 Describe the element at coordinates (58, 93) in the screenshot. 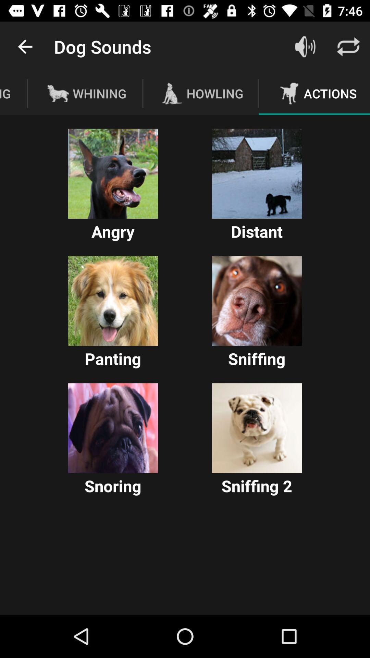

I see `left of whining` at that location.